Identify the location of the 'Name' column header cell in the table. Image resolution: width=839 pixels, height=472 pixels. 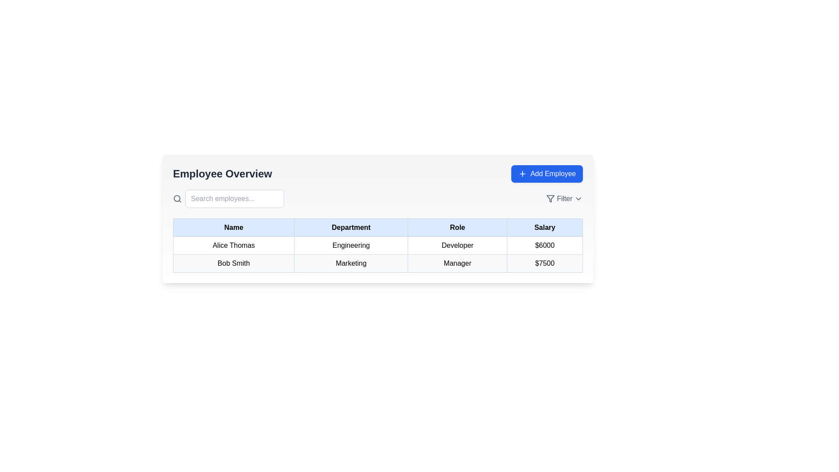
(233, 227).